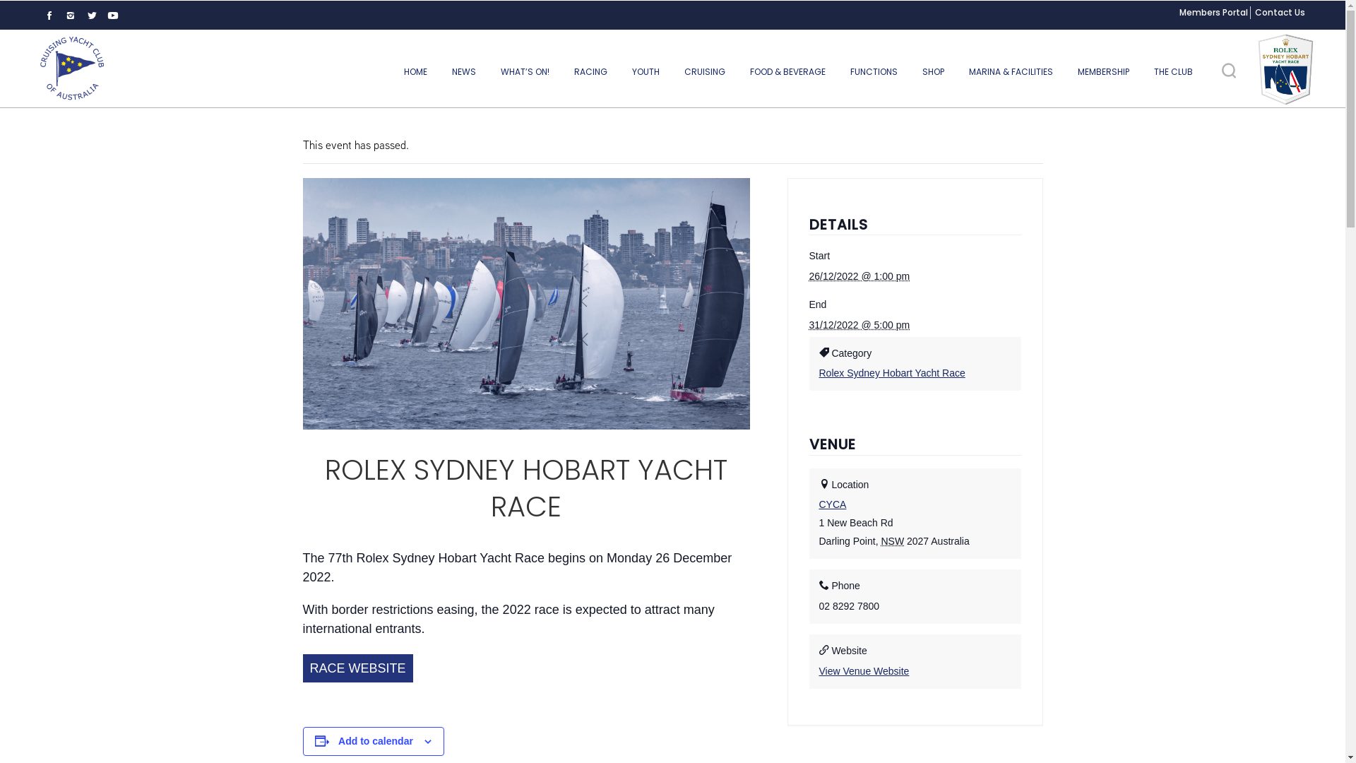 Image resolution: width=1356 pixels, height=763 pixels. I want to click on 'Visit our YouTube channel', so click(112, 16).